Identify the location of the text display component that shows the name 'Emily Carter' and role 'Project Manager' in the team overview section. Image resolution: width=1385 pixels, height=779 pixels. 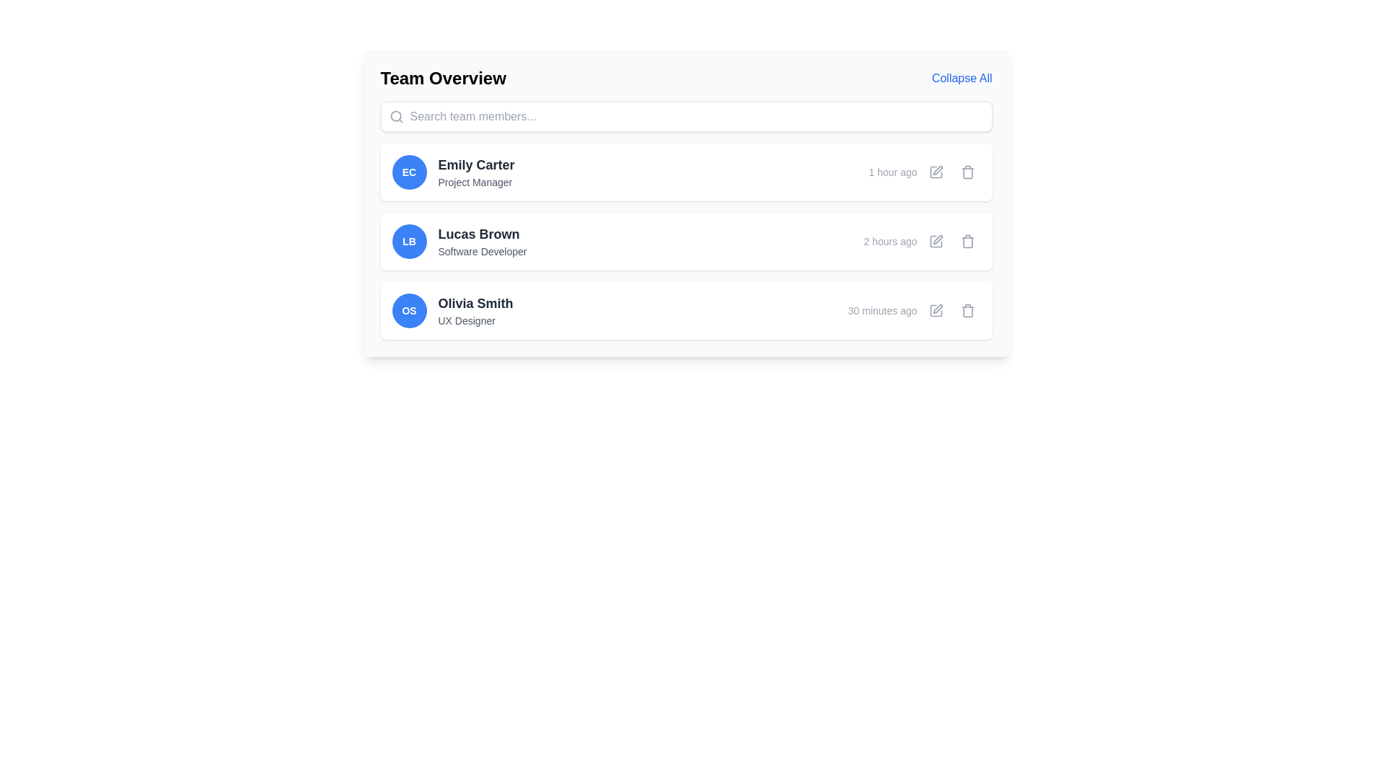
(476, 172).